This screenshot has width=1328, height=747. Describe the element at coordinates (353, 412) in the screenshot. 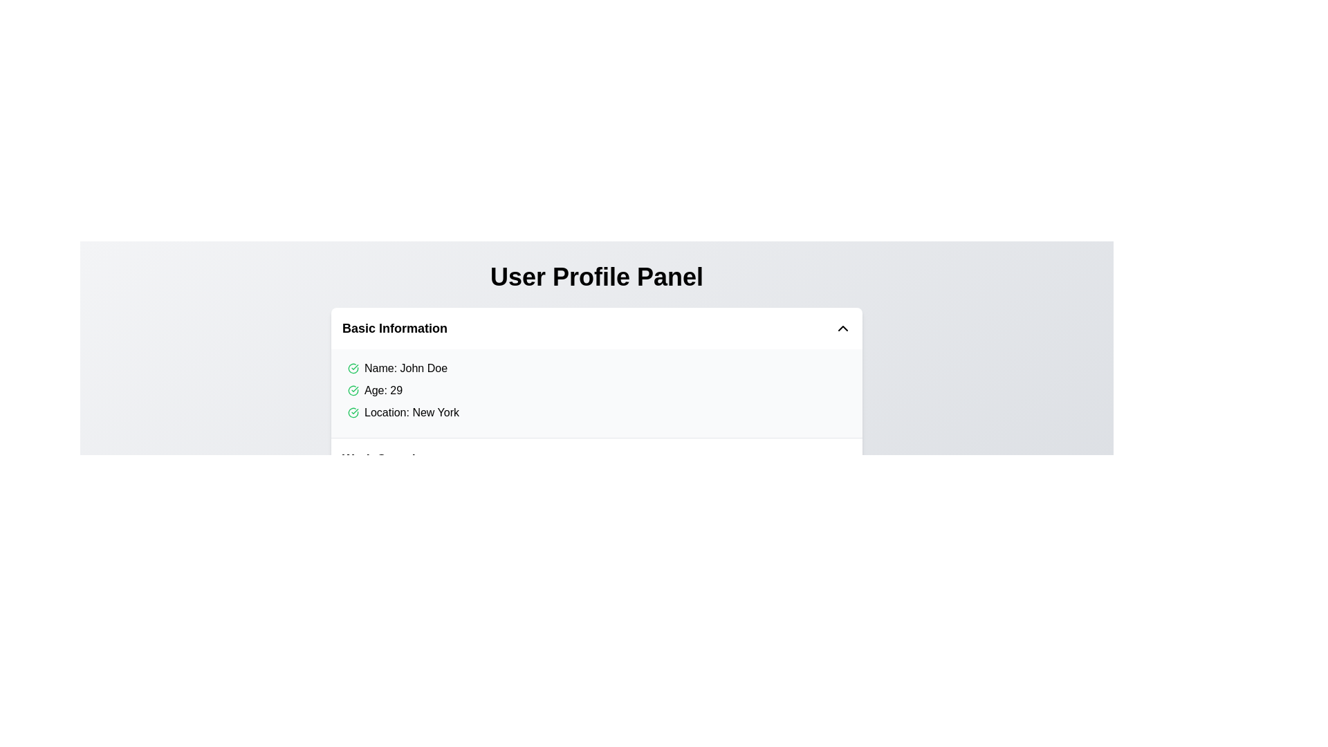

I see `the SVG graphical element that is part of the confirmation or status indicator icon located in the 'Basic Information' section, to the left of the 'Name: John Doe' text` at that location.